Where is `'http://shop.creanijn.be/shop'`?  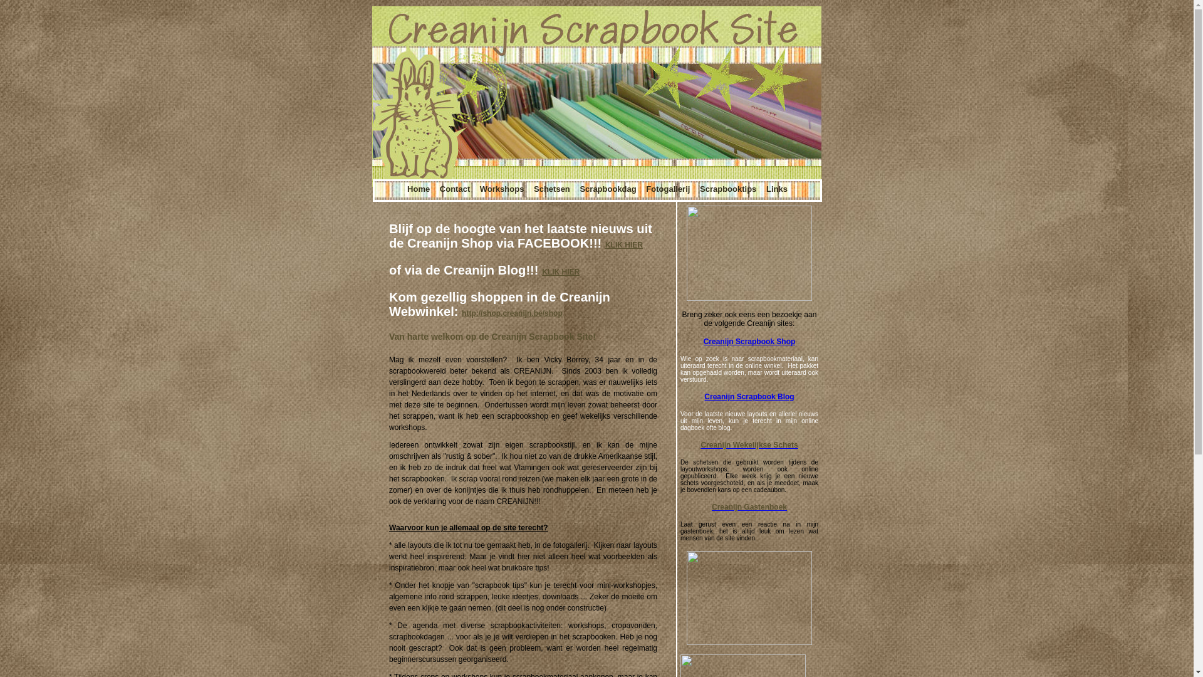
'http://shop.creanijn.be/shop' is located at coordinates (461, 313).